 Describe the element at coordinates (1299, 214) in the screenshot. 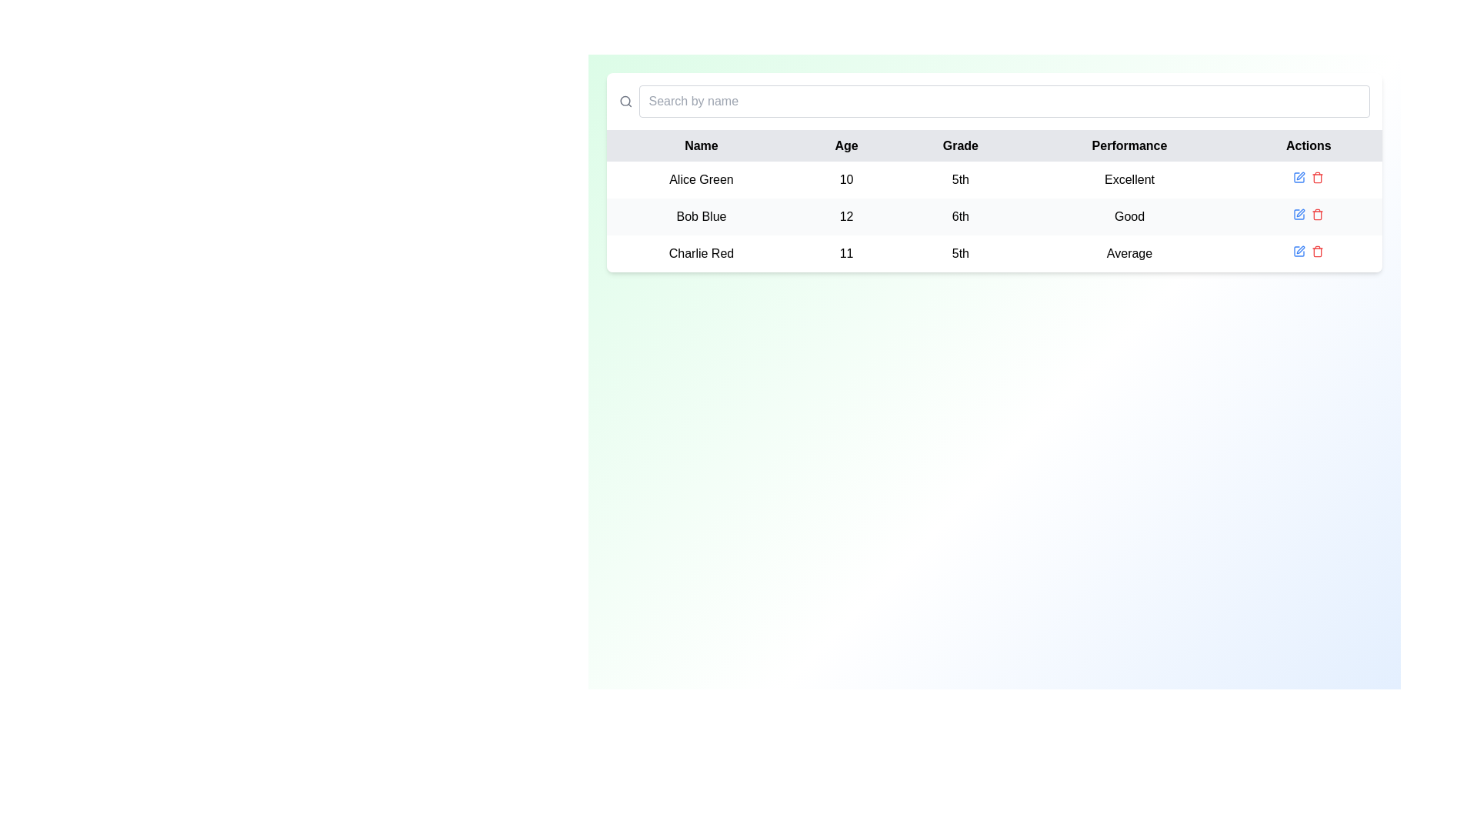

I see `the edit icon in the 'Actions' column of the second row to initiate editing for the 'Bob Blue' row` at that location.